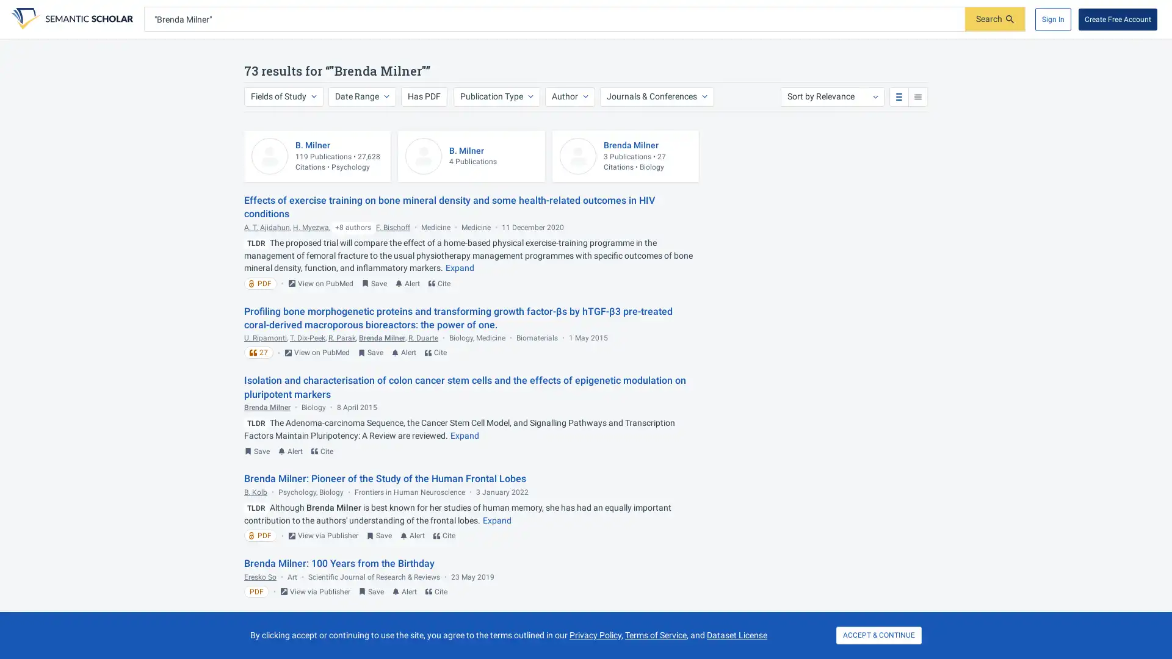 This screenshot has width=1172, height=659. Describe the element at coordinates (256, 451) in the screenshot. I see `Save to Library` at that location.